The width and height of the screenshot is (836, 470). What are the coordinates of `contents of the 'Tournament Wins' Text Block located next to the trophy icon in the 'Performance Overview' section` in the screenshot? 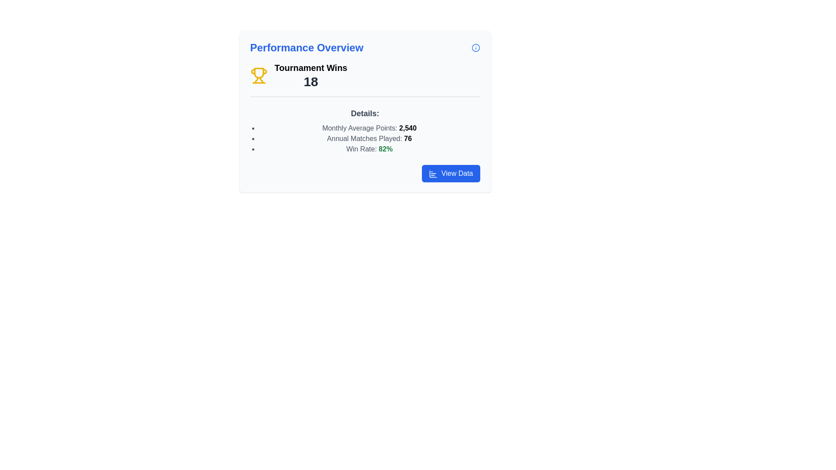 It's located at (311, 75).